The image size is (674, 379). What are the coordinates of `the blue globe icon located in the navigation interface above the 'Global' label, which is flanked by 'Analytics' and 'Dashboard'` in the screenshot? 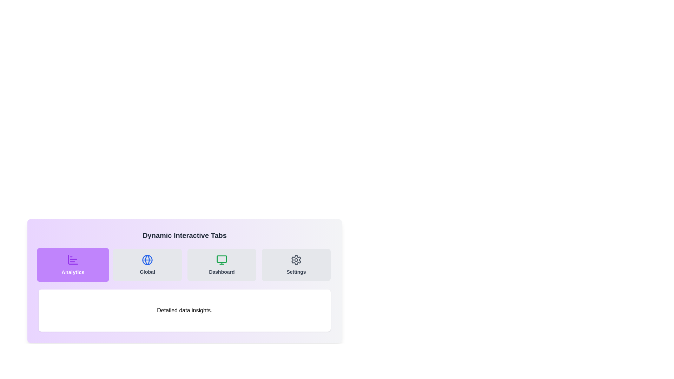 It's located at (147, 260).